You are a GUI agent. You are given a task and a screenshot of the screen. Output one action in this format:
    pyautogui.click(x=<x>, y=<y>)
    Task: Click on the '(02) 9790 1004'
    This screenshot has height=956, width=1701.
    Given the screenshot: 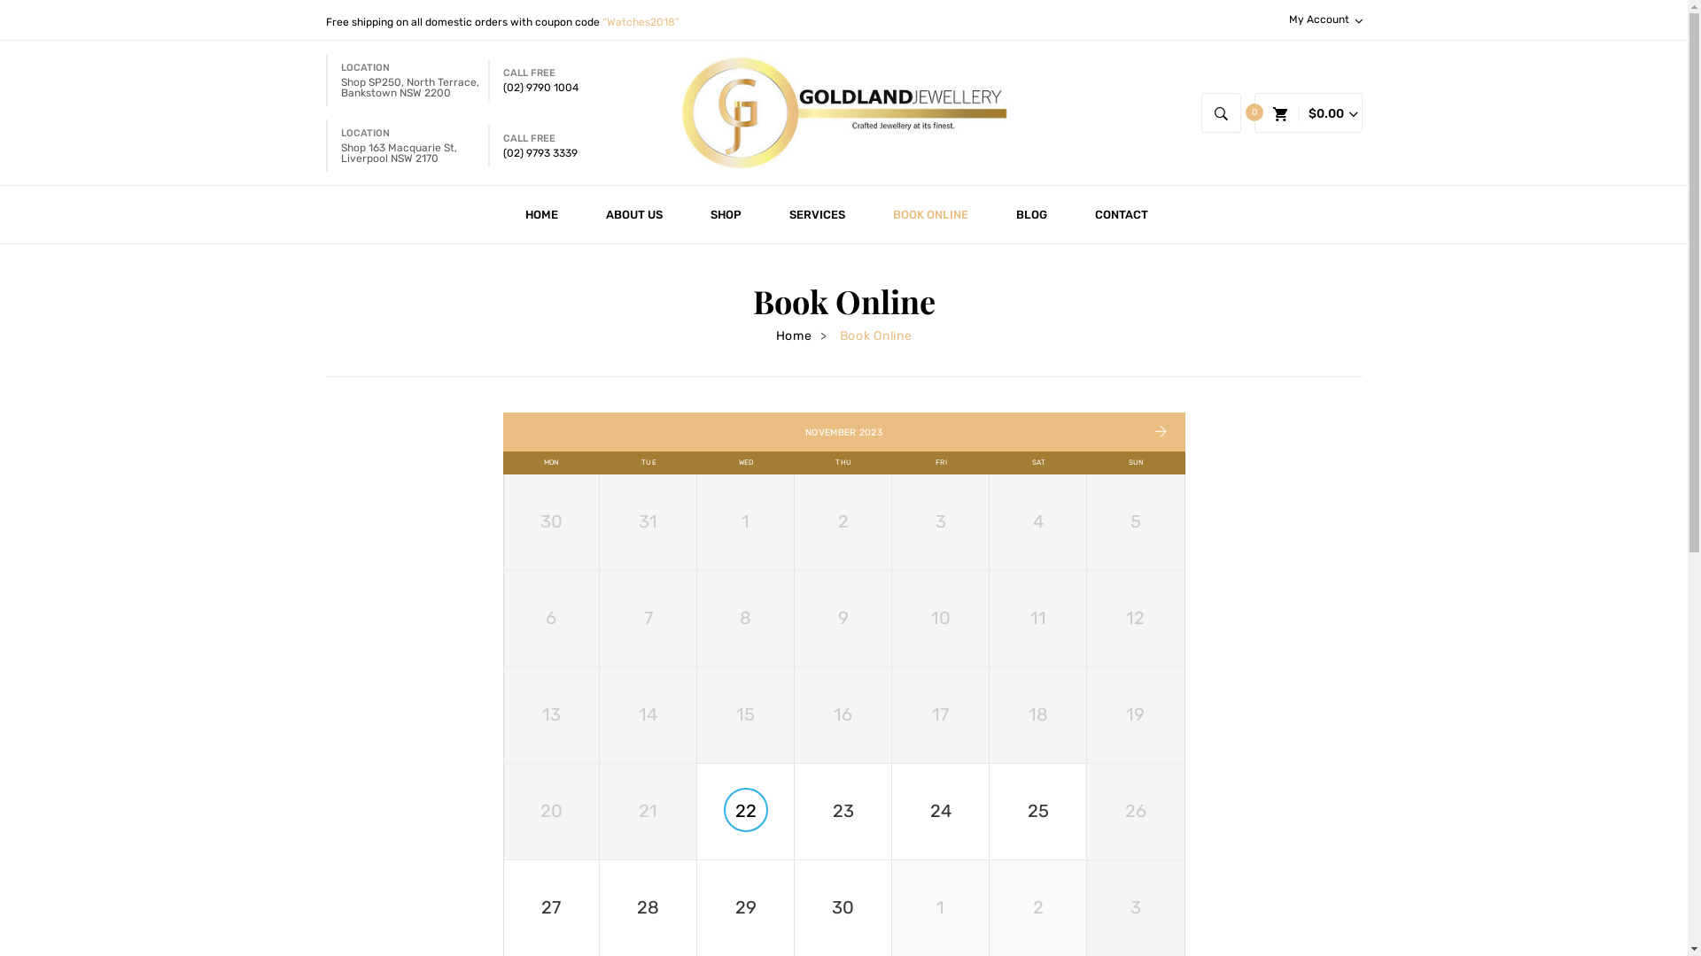 What is the action you would take?
    pyautogui.click(x=540, y=88)
    